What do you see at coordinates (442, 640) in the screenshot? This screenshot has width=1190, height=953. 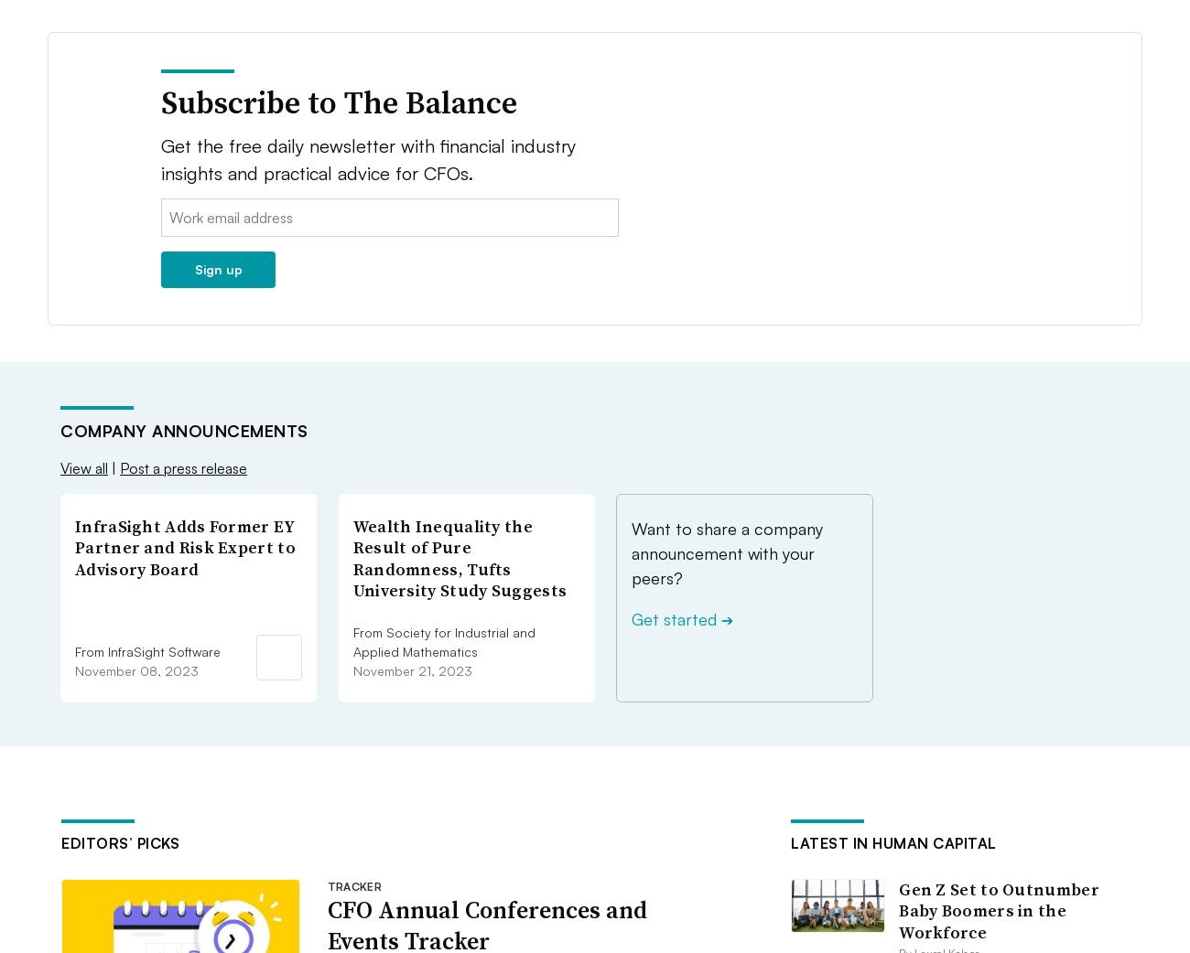 I see `'From Society for Industrial and Applied Mathematics'` at bounding box center [442, 640].